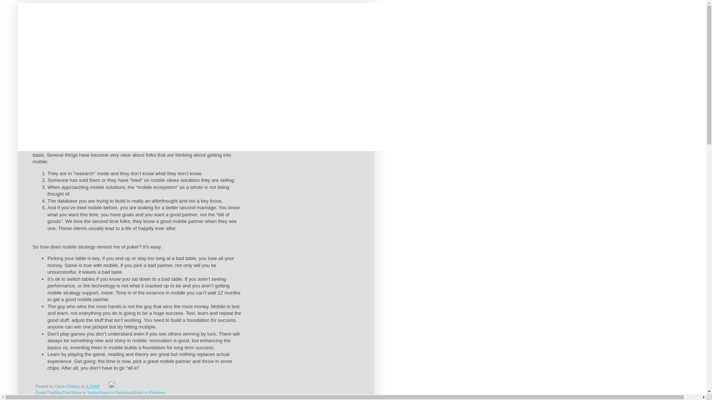 The image size is (712, 400). What do you see at coordinates (62, 392) in the screenshot?
I see `'BlogThis!'` at bounding box center [62, 392].